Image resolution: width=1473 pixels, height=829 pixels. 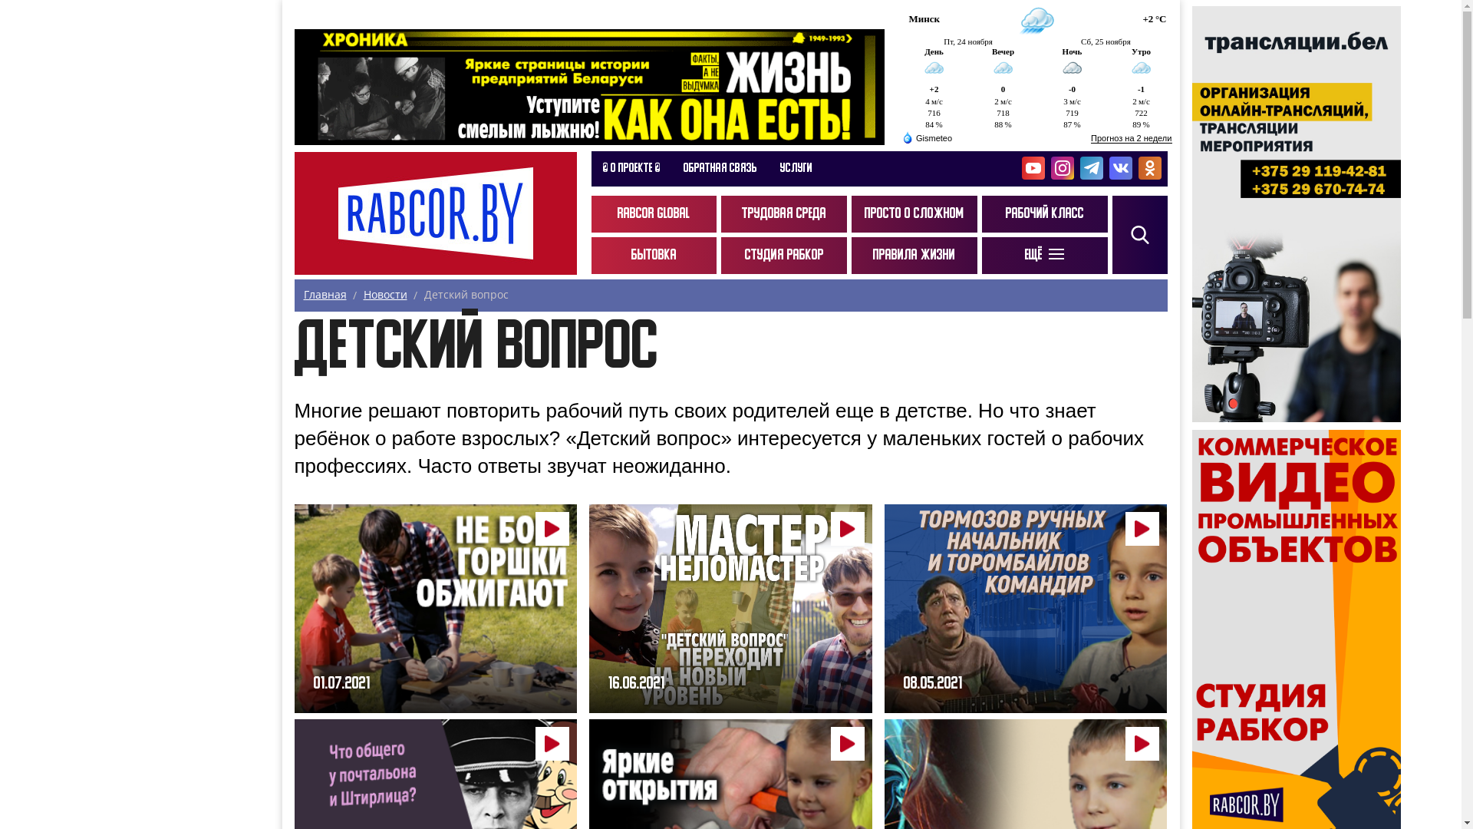 What do you see at coordinates (435, 608) in the screenshot?
I see `'01.07.2021'` at bounding box center [435, 608].